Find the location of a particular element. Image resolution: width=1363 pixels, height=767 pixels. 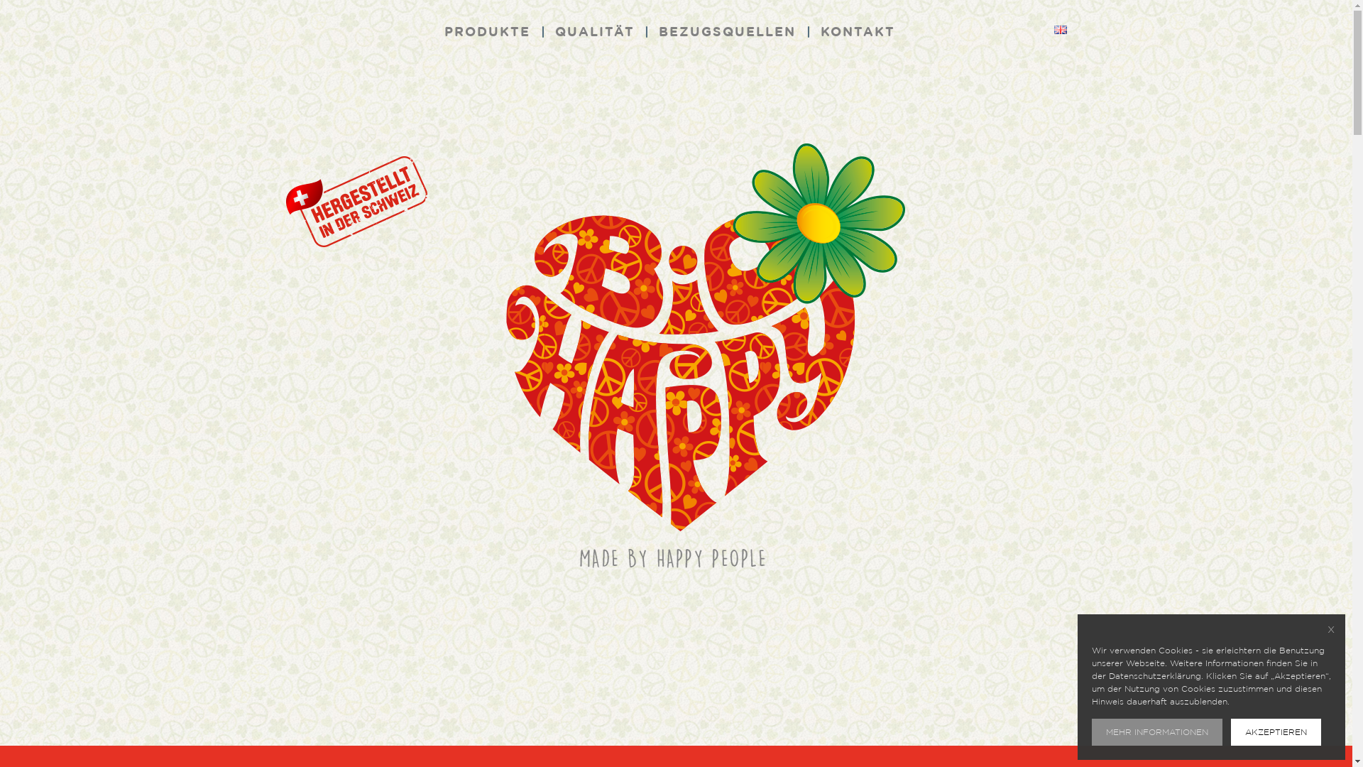

'BEZUGSQUELLEN' is located at coordinates (727, 32).